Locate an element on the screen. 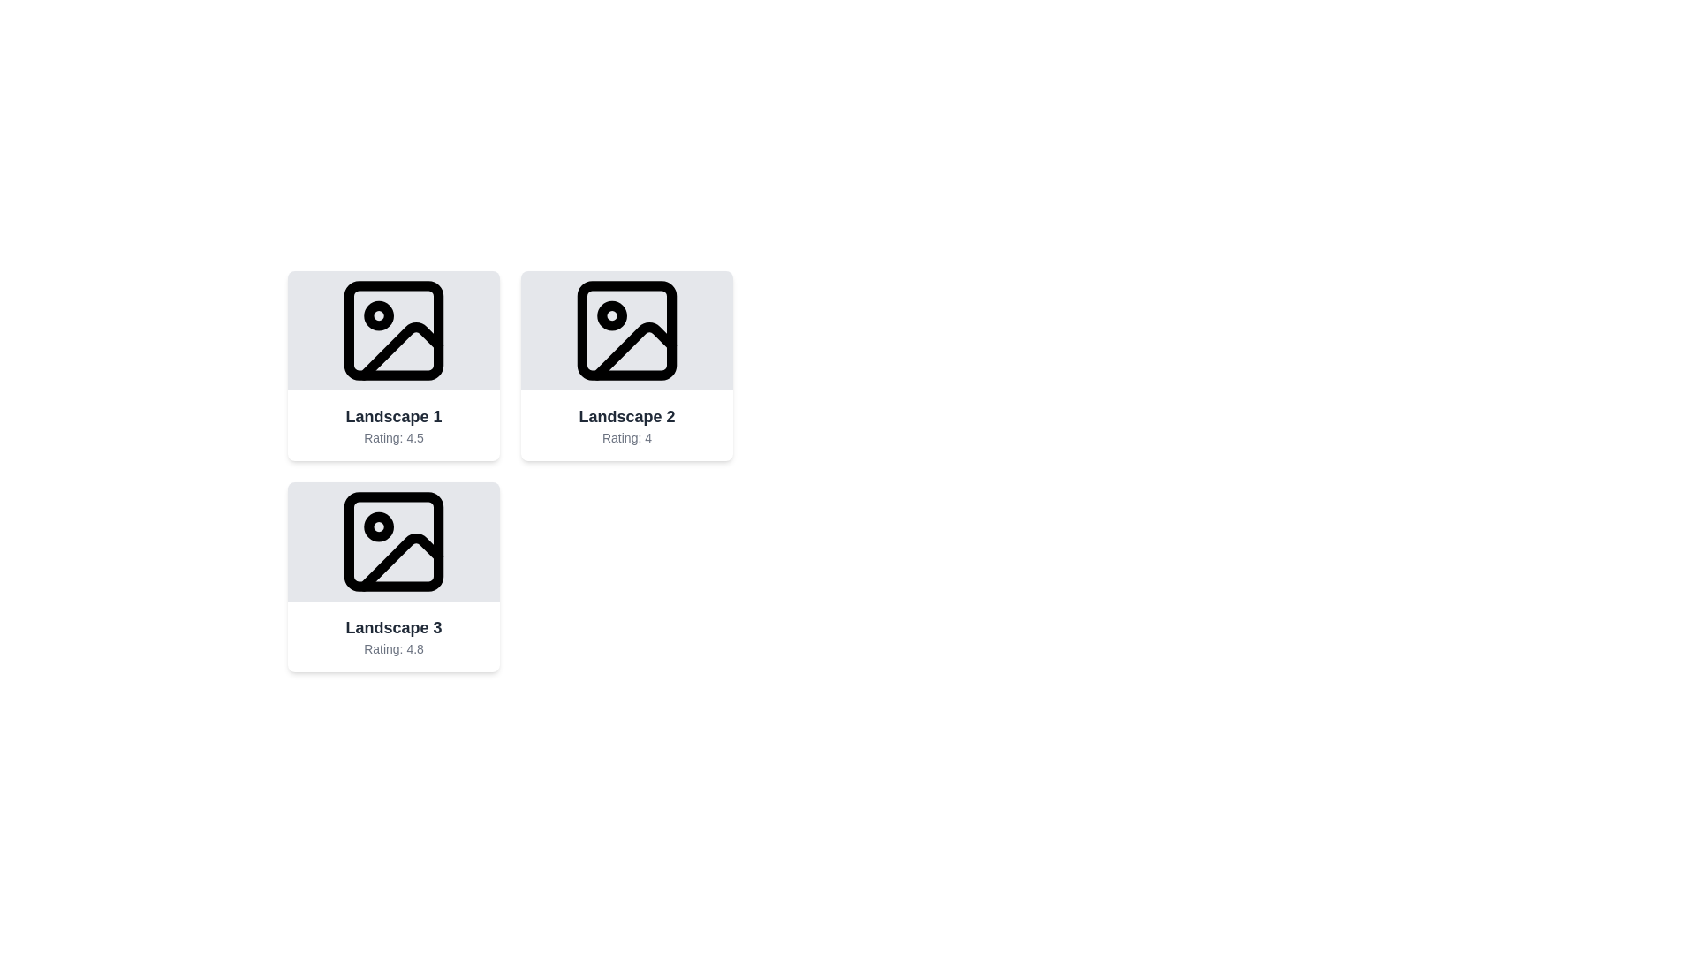 The height and width of the screenshot is (954, 1696). the decorative graphical circle within the icon of the second card in the grid layout, located at the top-left corner inside the icon is located at coordinates (612, 314).